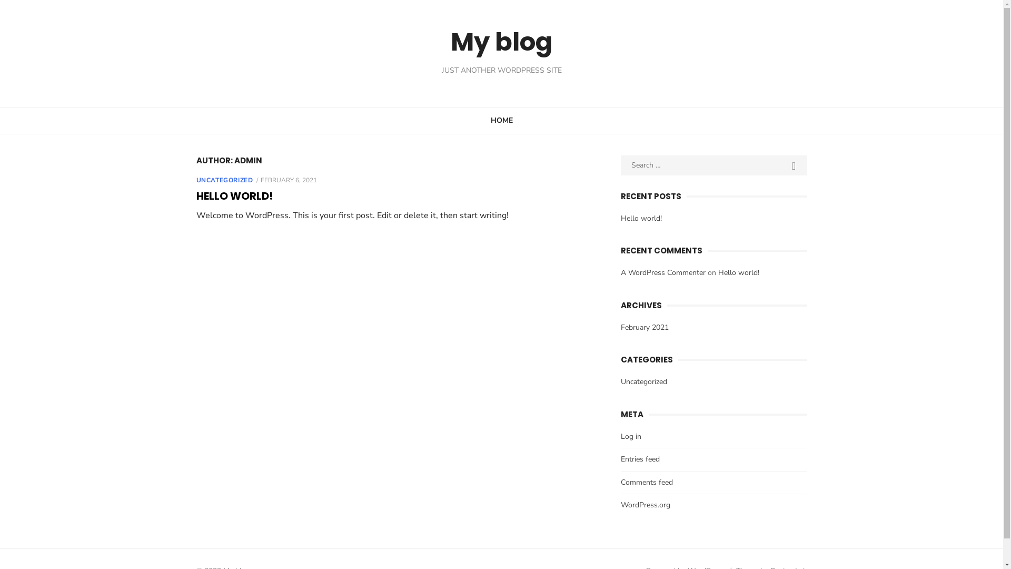  What do you see at coordinates (621, 381) in the screenshot?
I see `'Uncategorized'` at bounding box center [621, 381].